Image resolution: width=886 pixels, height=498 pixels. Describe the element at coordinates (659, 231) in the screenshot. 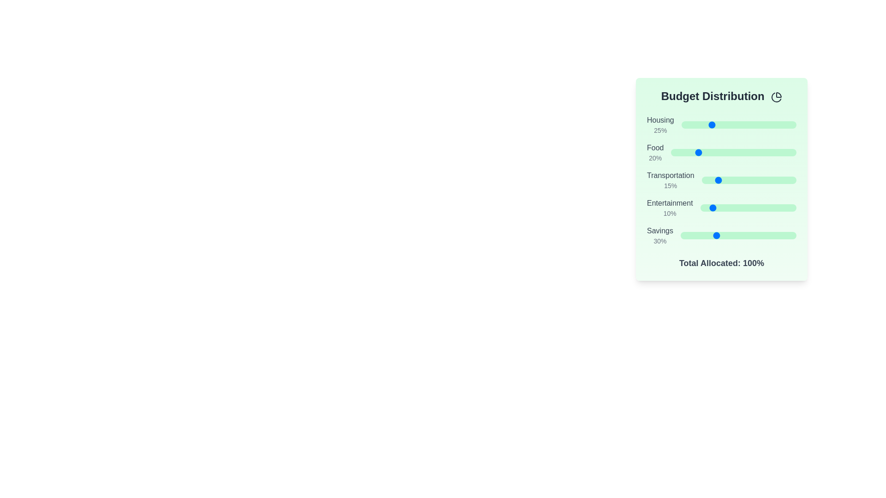

I see `the category name Savings to highlight it` at that location.